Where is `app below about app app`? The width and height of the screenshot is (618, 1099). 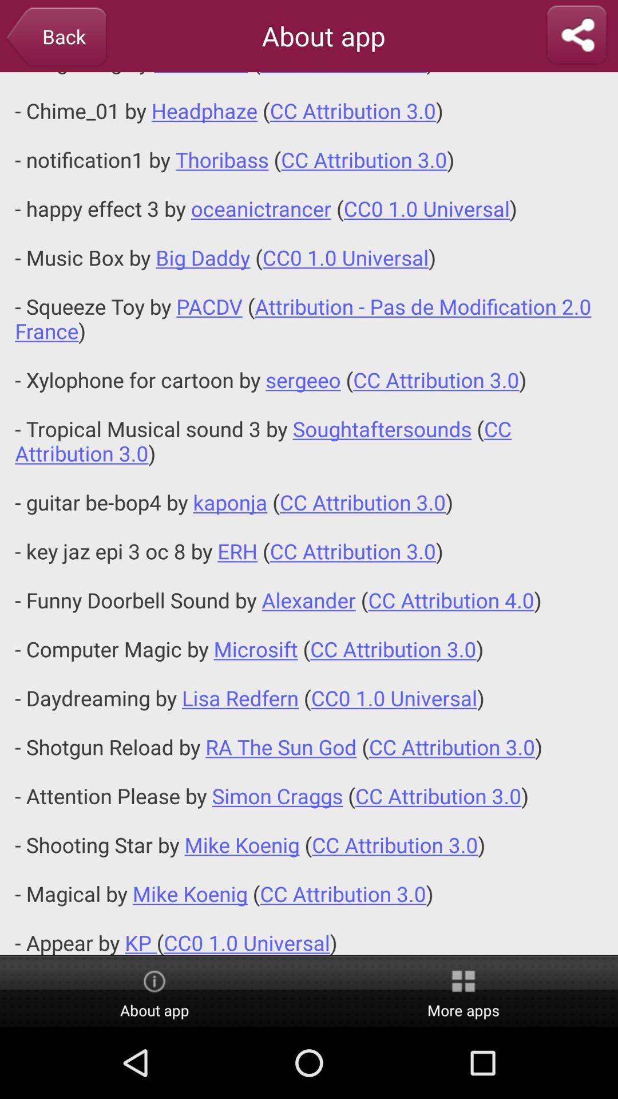
app below about app app is located at coordinates (309, 513).